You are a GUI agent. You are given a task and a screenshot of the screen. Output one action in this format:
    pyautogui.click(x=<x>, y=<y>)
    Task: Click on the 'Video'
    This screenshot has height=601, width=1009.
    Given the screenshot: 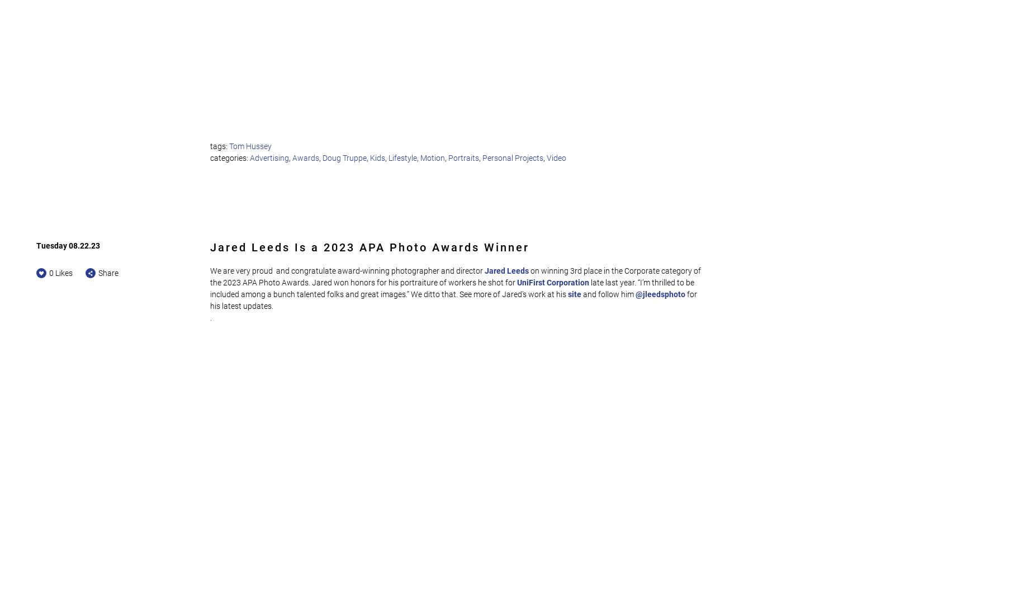 What is the action you would take?
    pyautogui.click(x=556, y=157)
    